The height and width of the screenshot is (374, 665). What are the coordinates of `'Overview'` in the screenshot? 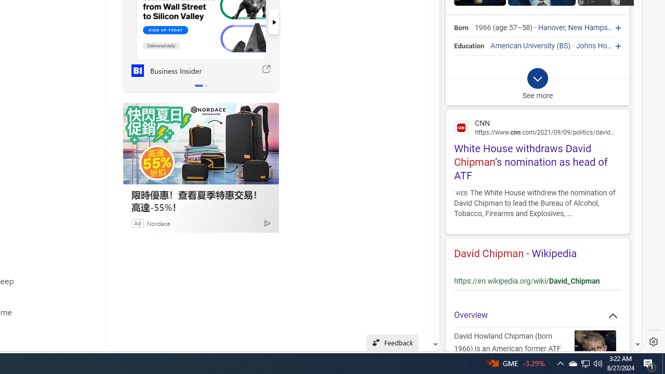 It's located at (537, 315).